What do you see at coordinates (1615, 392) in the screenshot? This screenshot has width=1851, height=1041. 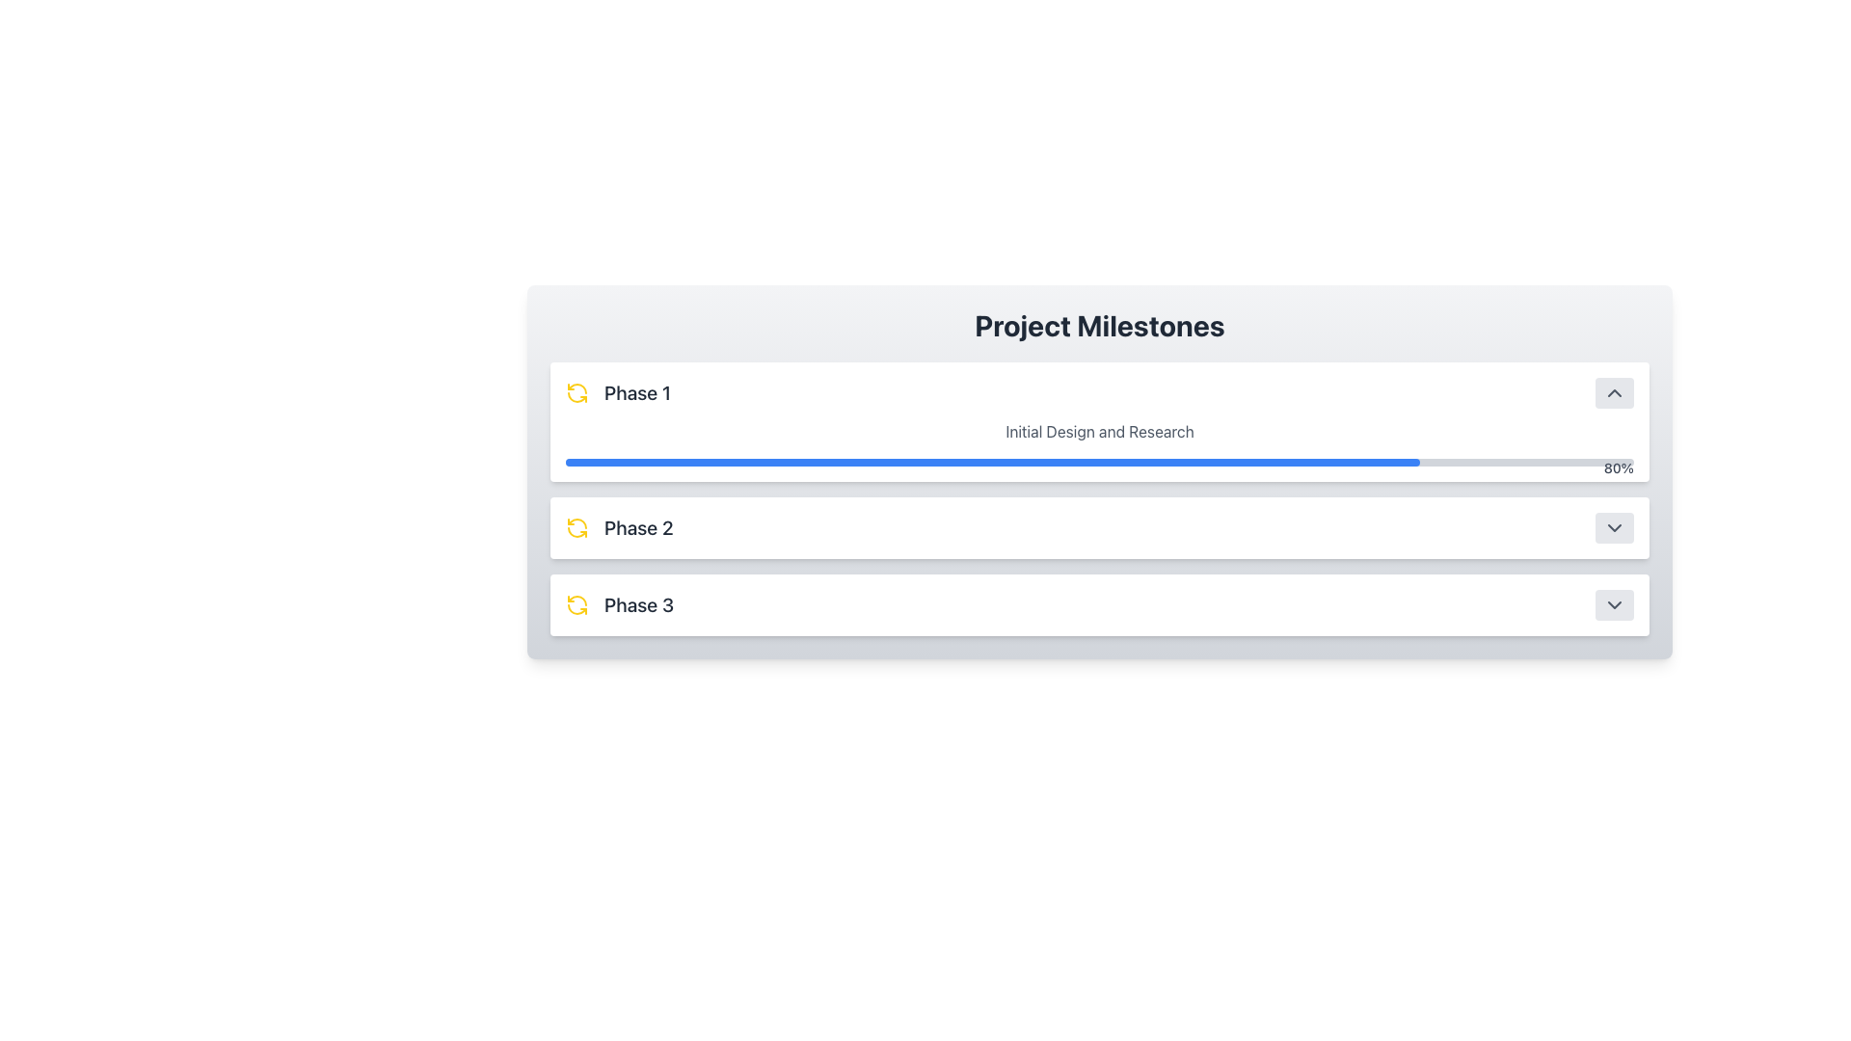 I see `the icon at the far right end of the row labeled 'Phase 1'` at bounding box center [1615, 392].